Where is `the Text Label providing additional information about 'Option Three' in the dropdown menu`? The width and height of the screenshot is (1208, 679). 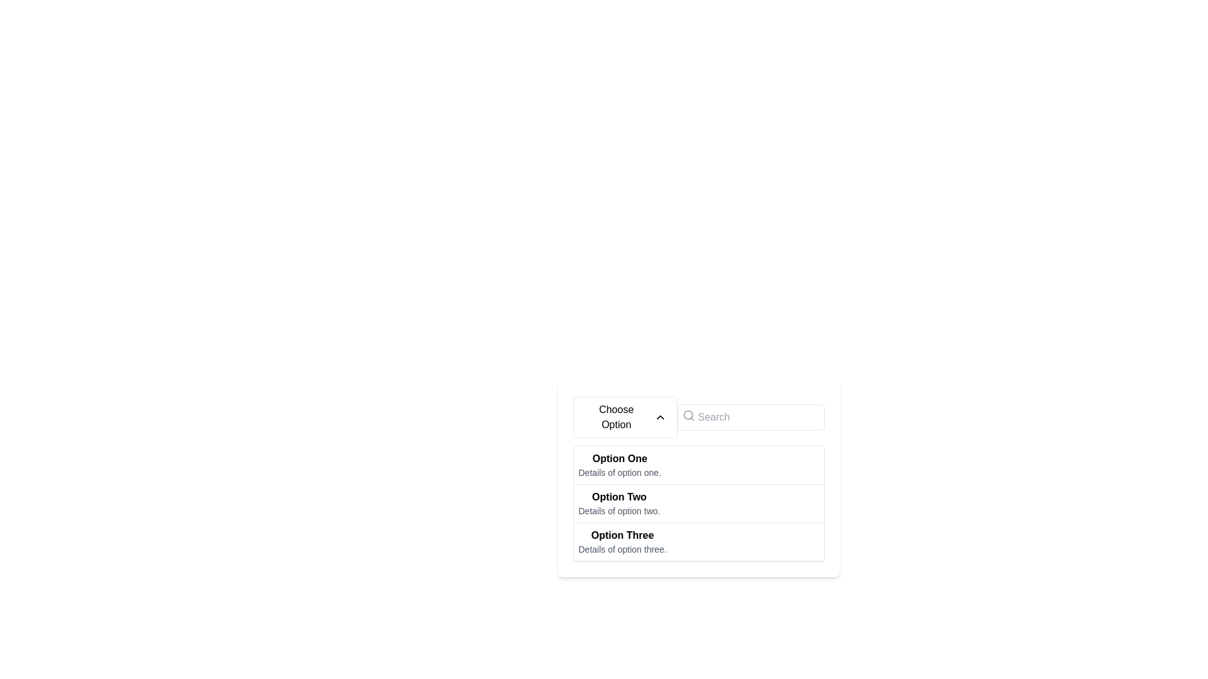
the Text Label providing additional information about 'Option Three' in the dropdown menu is located at coordinates (622, 549).